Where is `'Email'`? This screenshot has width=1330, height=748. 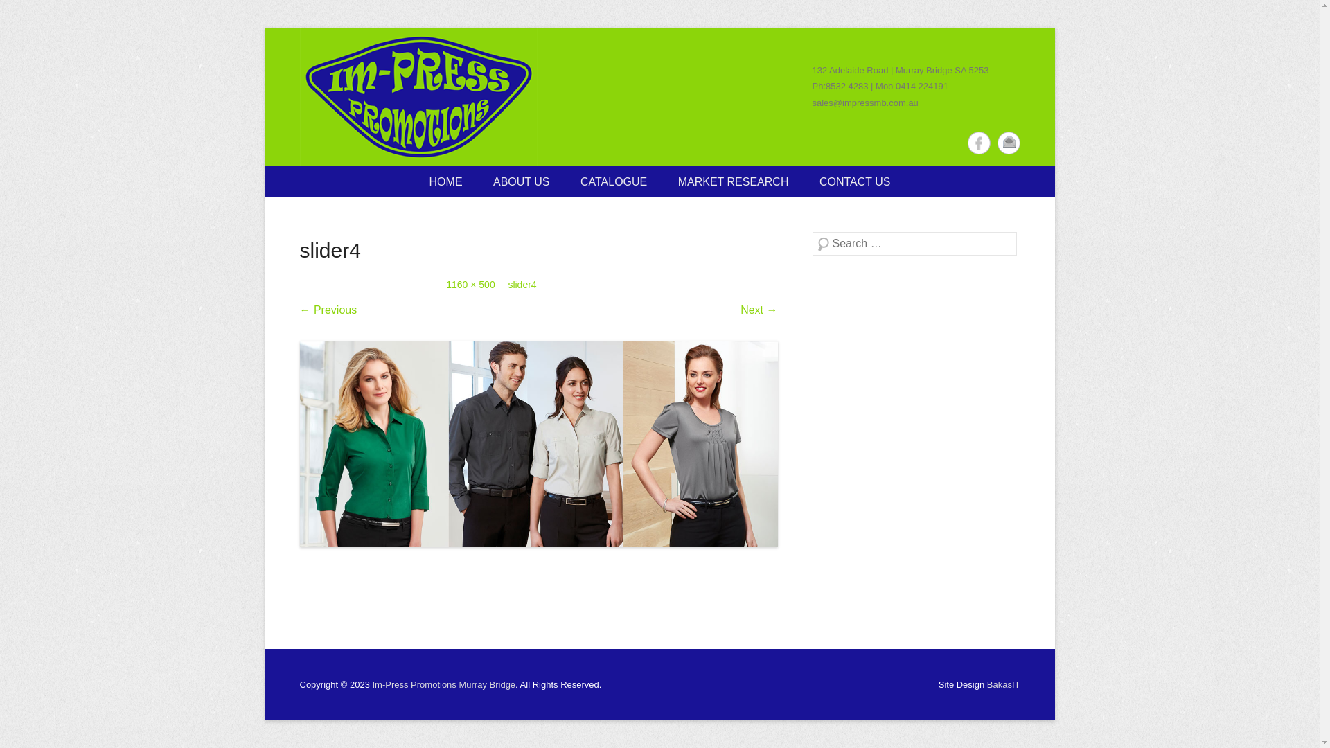
'Email' is located at coordinates (1009, 143).